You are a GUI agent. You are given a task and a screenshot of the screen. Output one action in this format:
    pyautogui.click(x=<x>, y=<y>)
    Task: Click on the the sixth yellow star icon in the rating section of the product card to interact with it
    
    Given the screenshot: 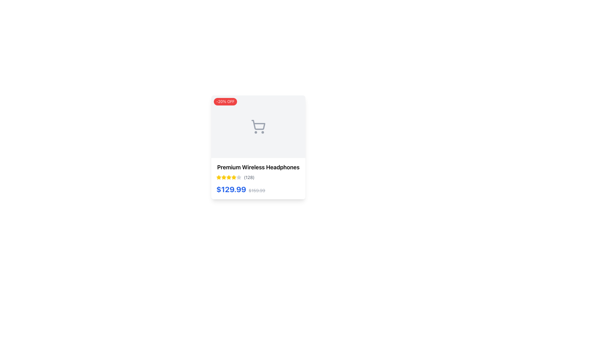 What is the action you would take?
    pyautogui.click(x=233, y=177)
    